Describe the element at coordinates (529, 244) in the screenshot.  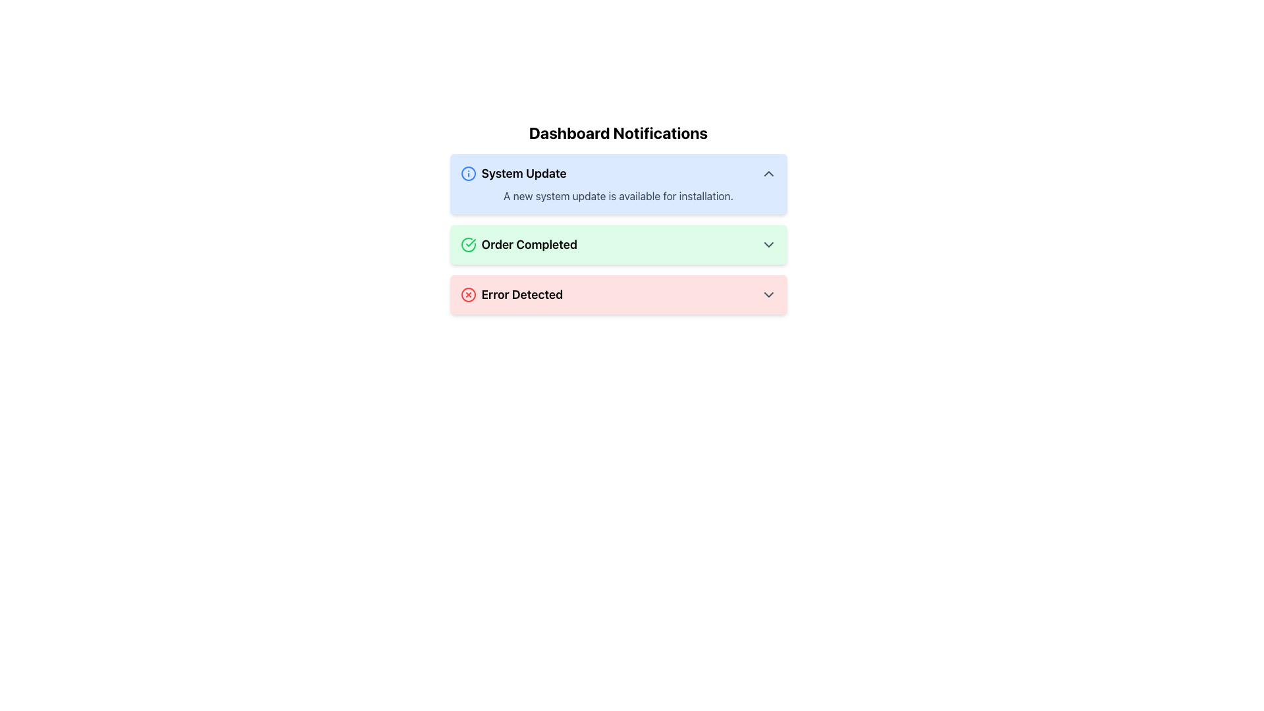
I see `text content of the bold text label that displays 'Order Completed' on a pastel green background, which is the second notification in the list` at that location.